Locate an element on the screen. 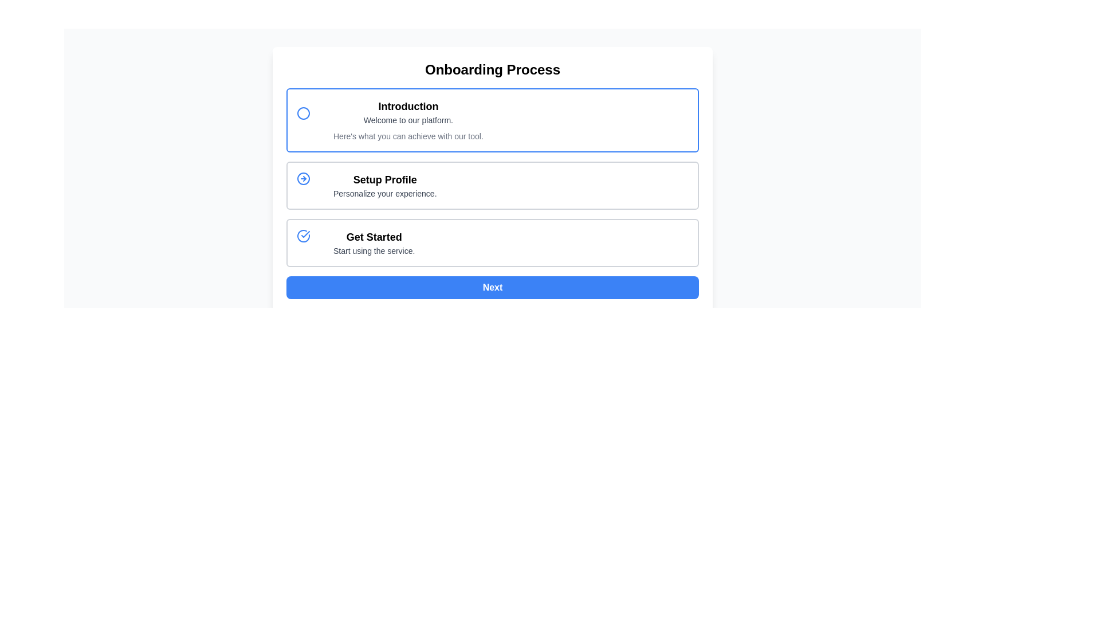  the Circular Icon that serves as an identifying marker for the 'Introduction' section of the onboarding process is located at coordinates (303, 113).